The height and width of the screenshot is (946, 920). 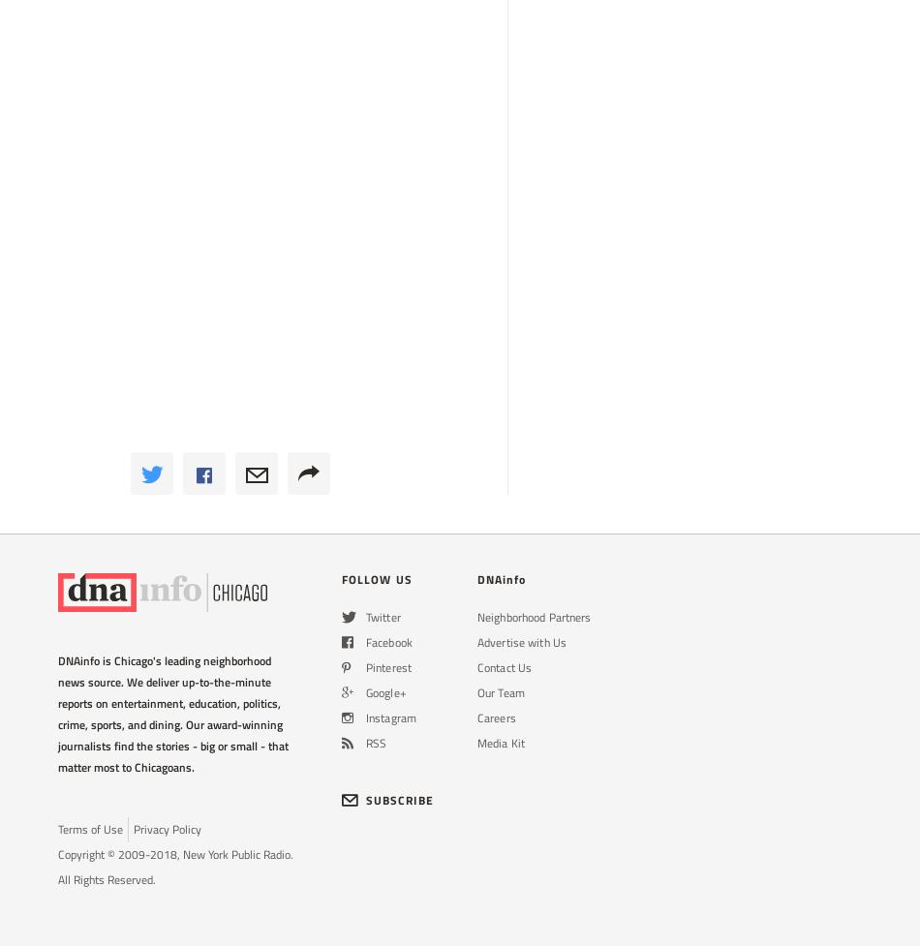 What do you see at coordinates (172, 714) in the screenshot?
I see `'DNAinfo is Chicago's leading neighborhood news source. We deliver up-to-the-minute reports on entertainment, education, politics, crime, sports, and dining. Our award-winning journalists find the stories - big or small - that matter most to Chicagoans.'` at bounding box center [172, 714].